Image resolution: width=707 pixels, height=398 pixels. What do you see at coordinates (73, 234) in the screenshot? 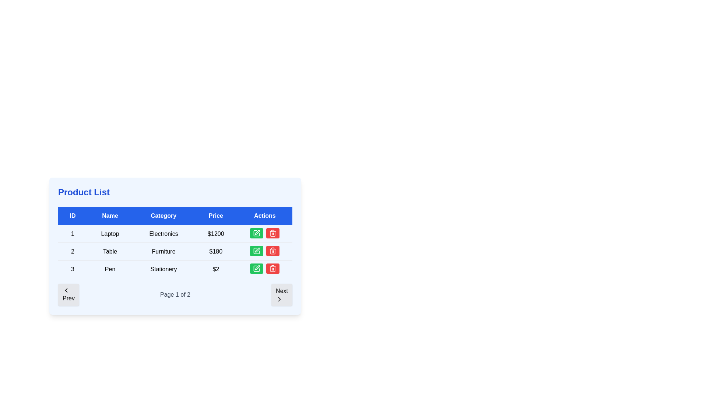
I see `the static text element that serves as the ID label for the first product entry ('Laptop') in the table` at bounding box center [73, 234].